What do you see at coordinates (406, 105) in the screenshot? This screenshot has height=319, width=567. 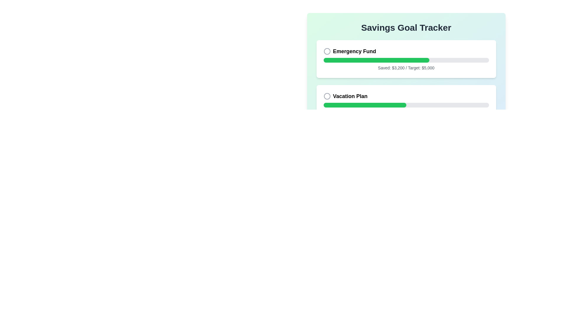 I see `the progress bar, which is a horizontal element indicating 50% progress, located centrally below the 'Vacation Plan' text element` at bounding box center [406, 105].